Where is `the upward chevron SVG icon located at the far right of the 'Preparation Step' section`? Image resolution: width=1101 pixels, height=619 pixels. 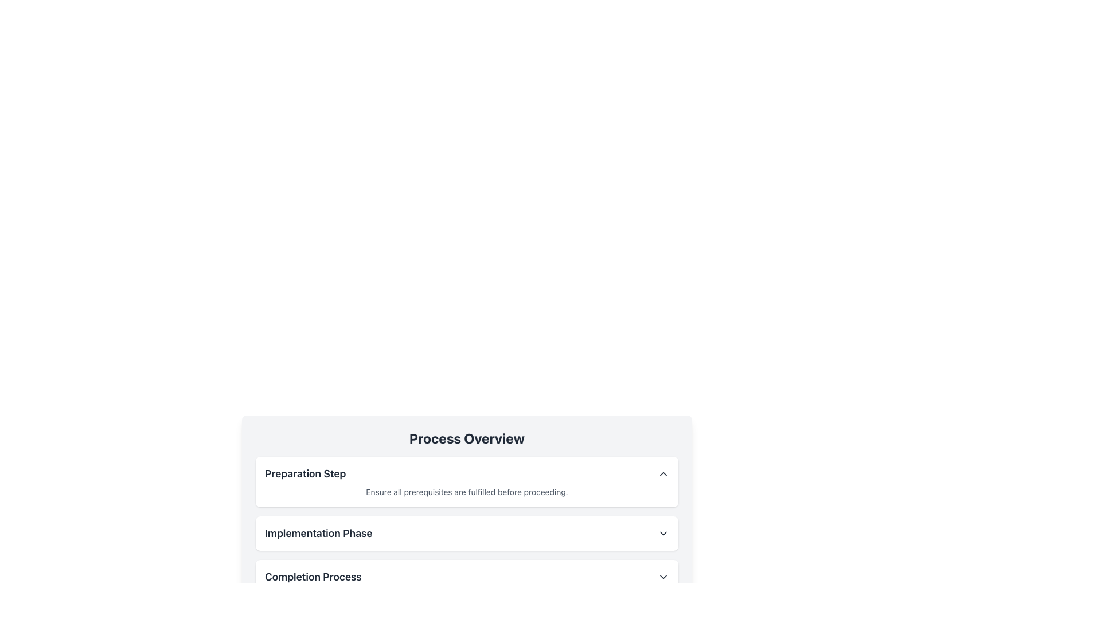 the upward chevron SVG icon located at the far right of the 'Preparation Step' section is located at coordinates (663, 473).